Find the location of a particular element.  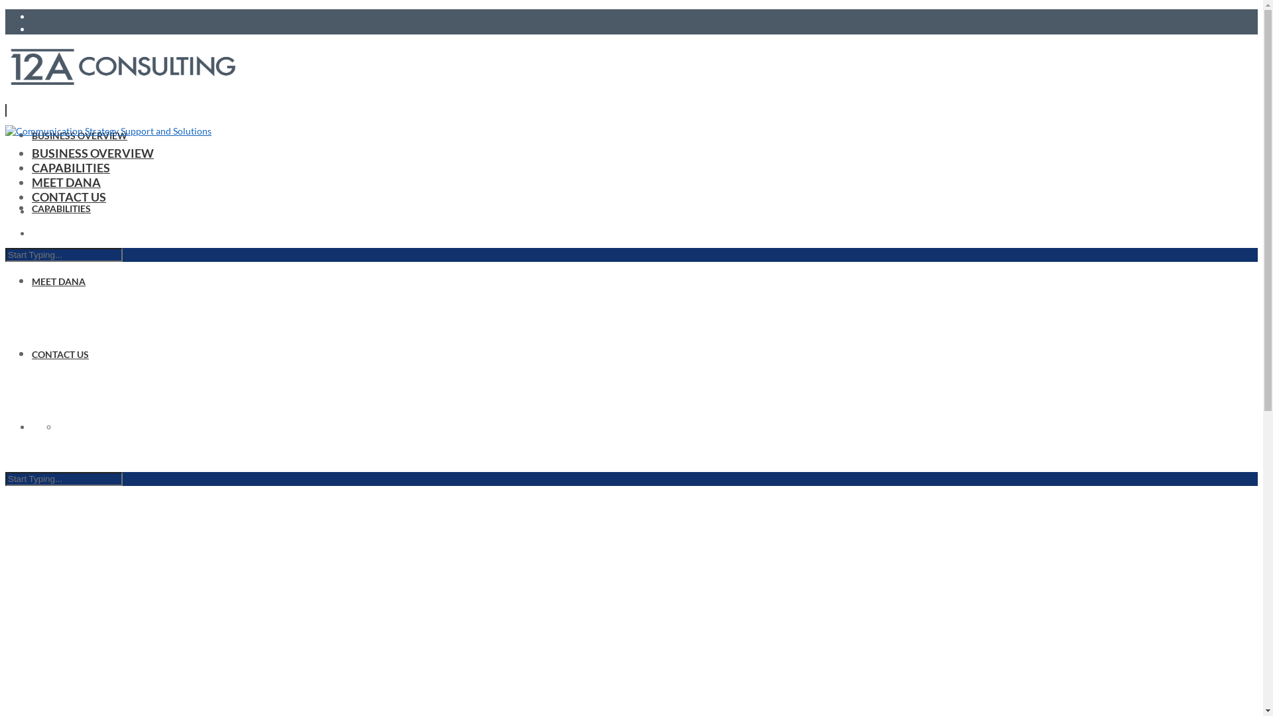

'BUSINESS OVERVIEW' is located at coordinates (91, 152).